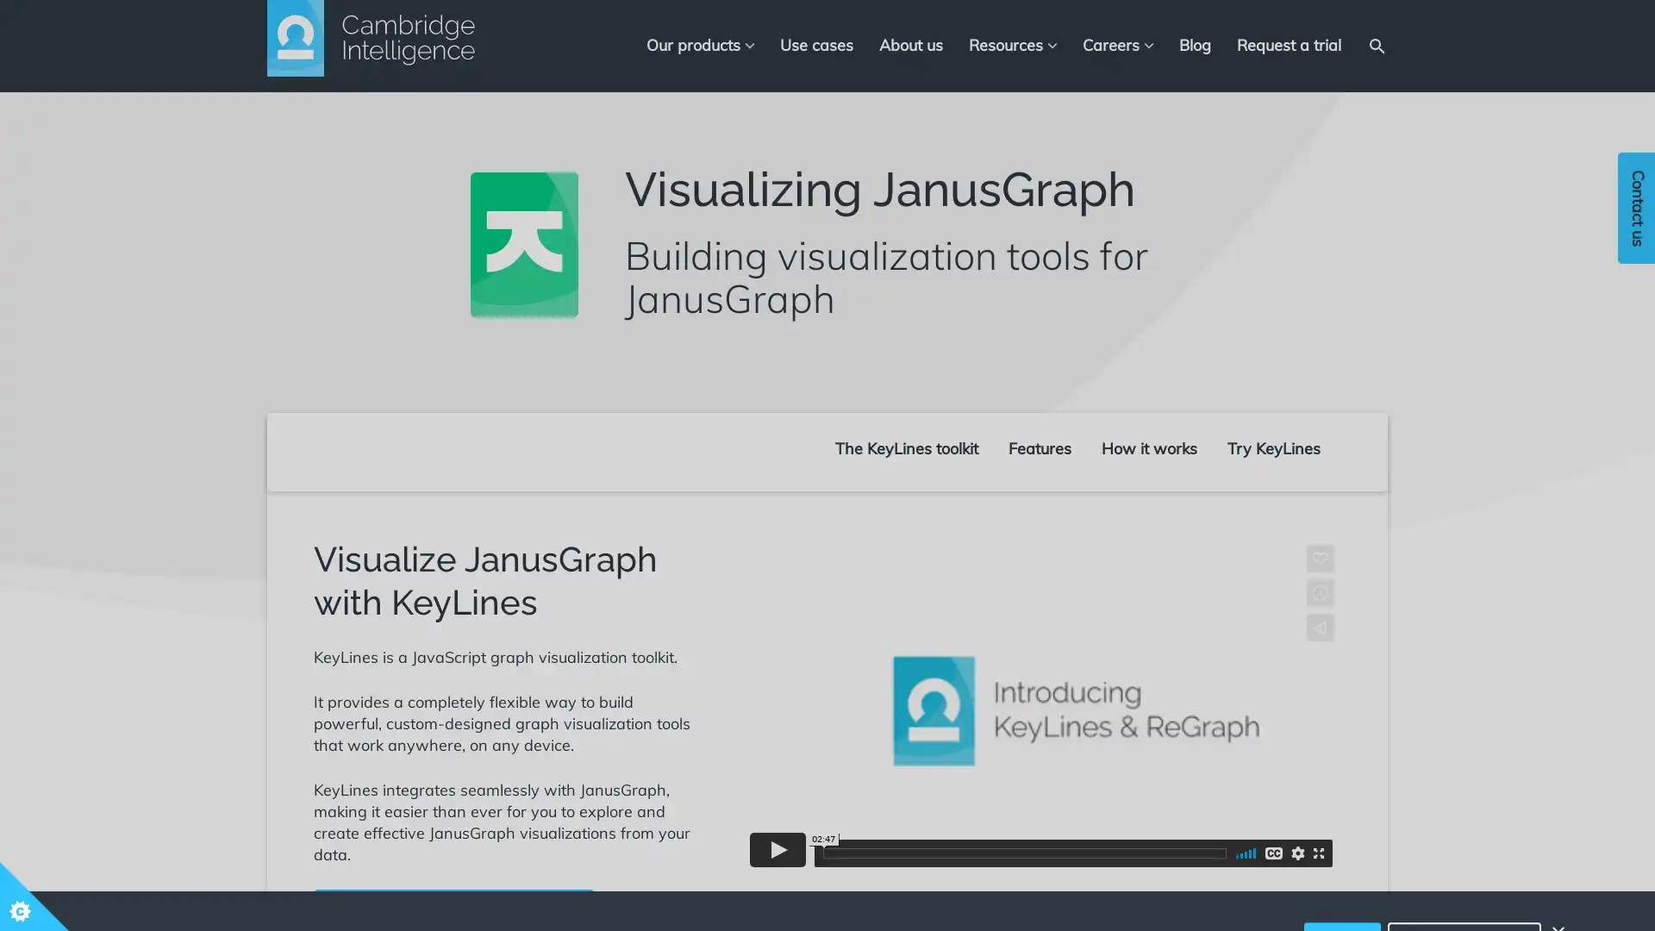 The height and width of the screenshot is (931, 1655). What do you see at coordinates (1341, 884) in the screenshot?
I see `Accept` at bounding box center [1341, 884].